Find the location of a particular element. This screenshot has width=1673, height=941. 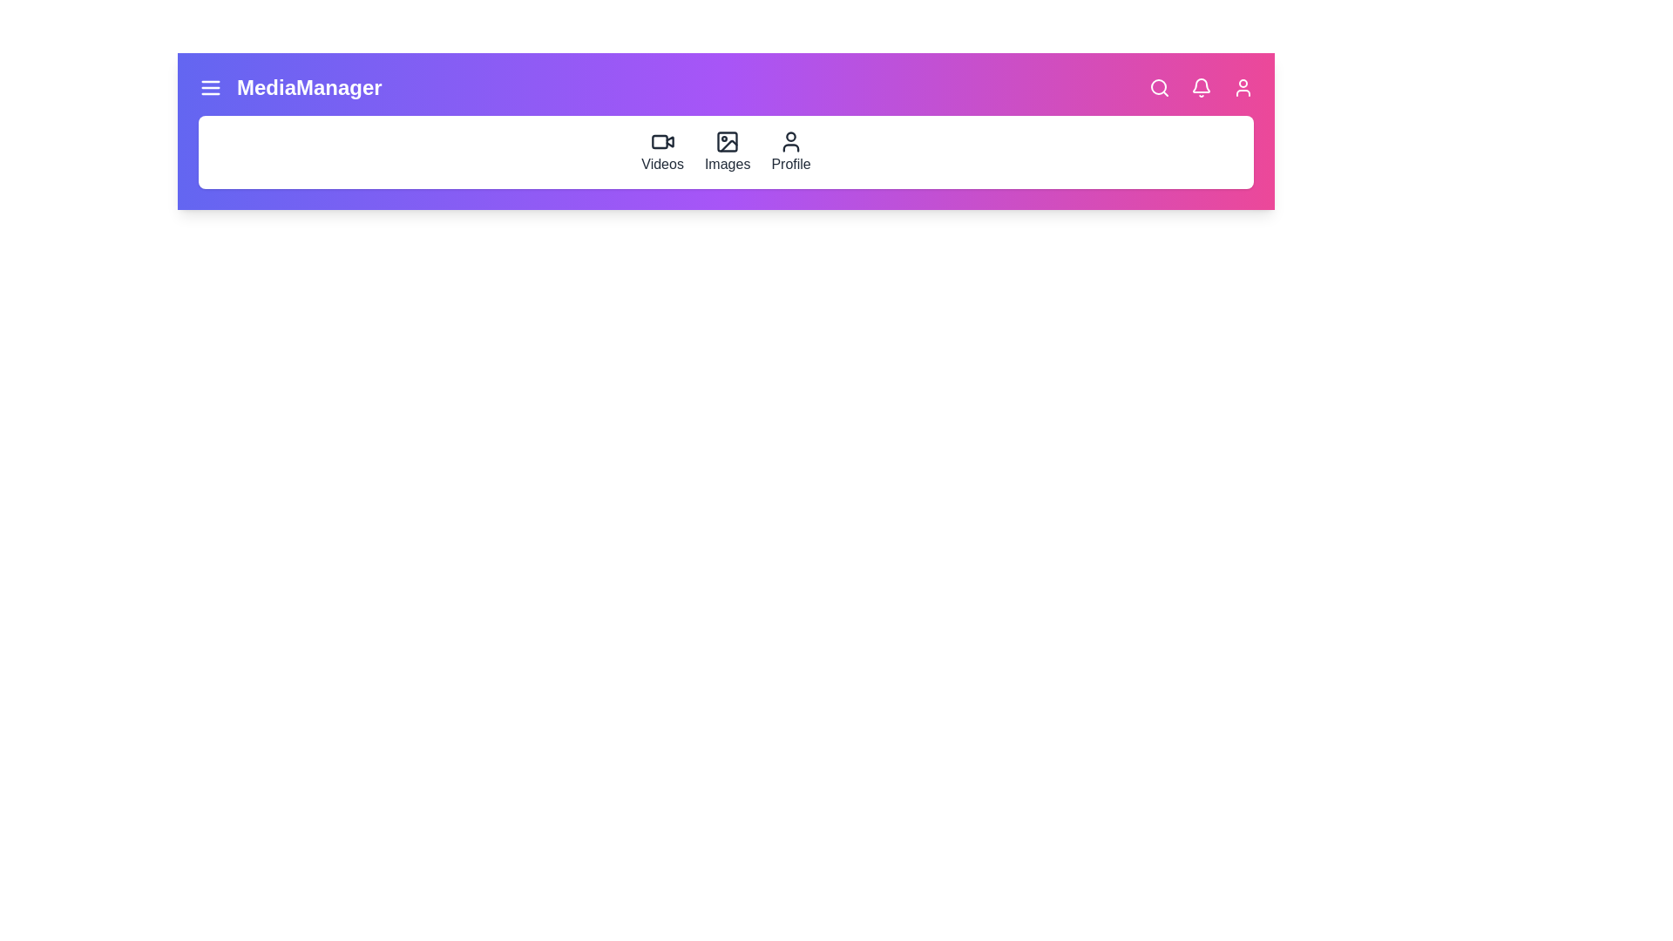

the search icon to initiate the search functionality is located at coordinates (1159, 87).